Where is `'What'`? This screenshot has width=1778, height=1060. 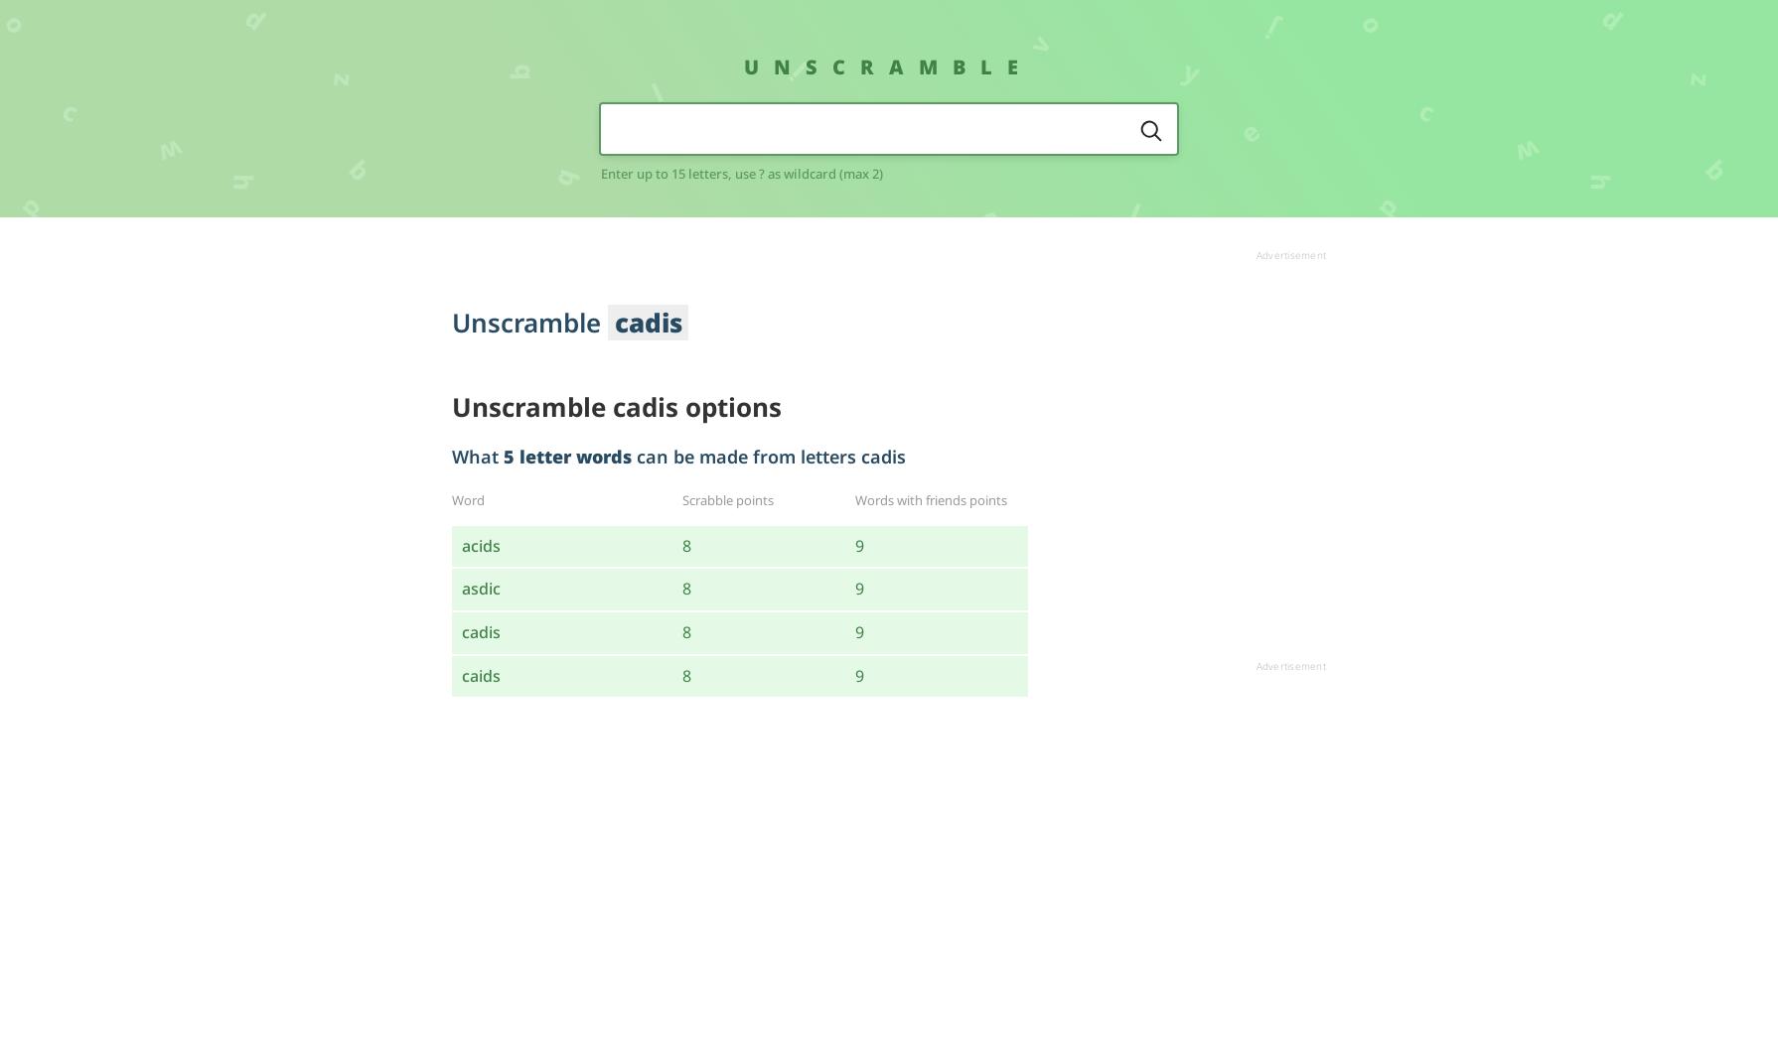
'What' is located at coordinates (451, 456).